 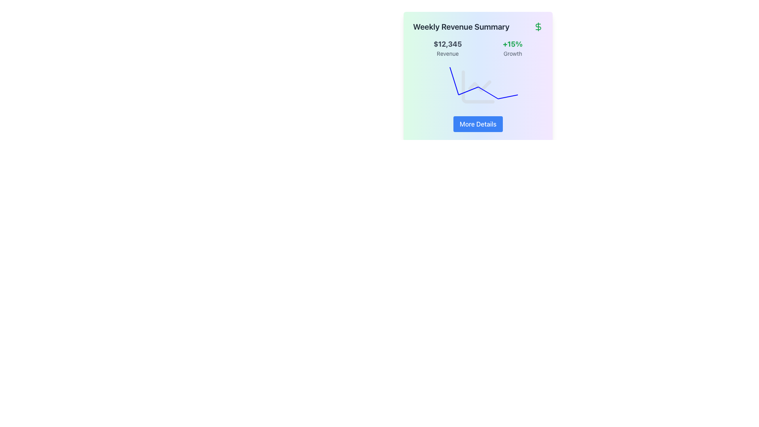 What do you see at coordinates (478, 124) in the screenshot?
I see `the button located at the bottom-center of the 'Weekly Revenue Summary' card` at bounding box center [478, 124].